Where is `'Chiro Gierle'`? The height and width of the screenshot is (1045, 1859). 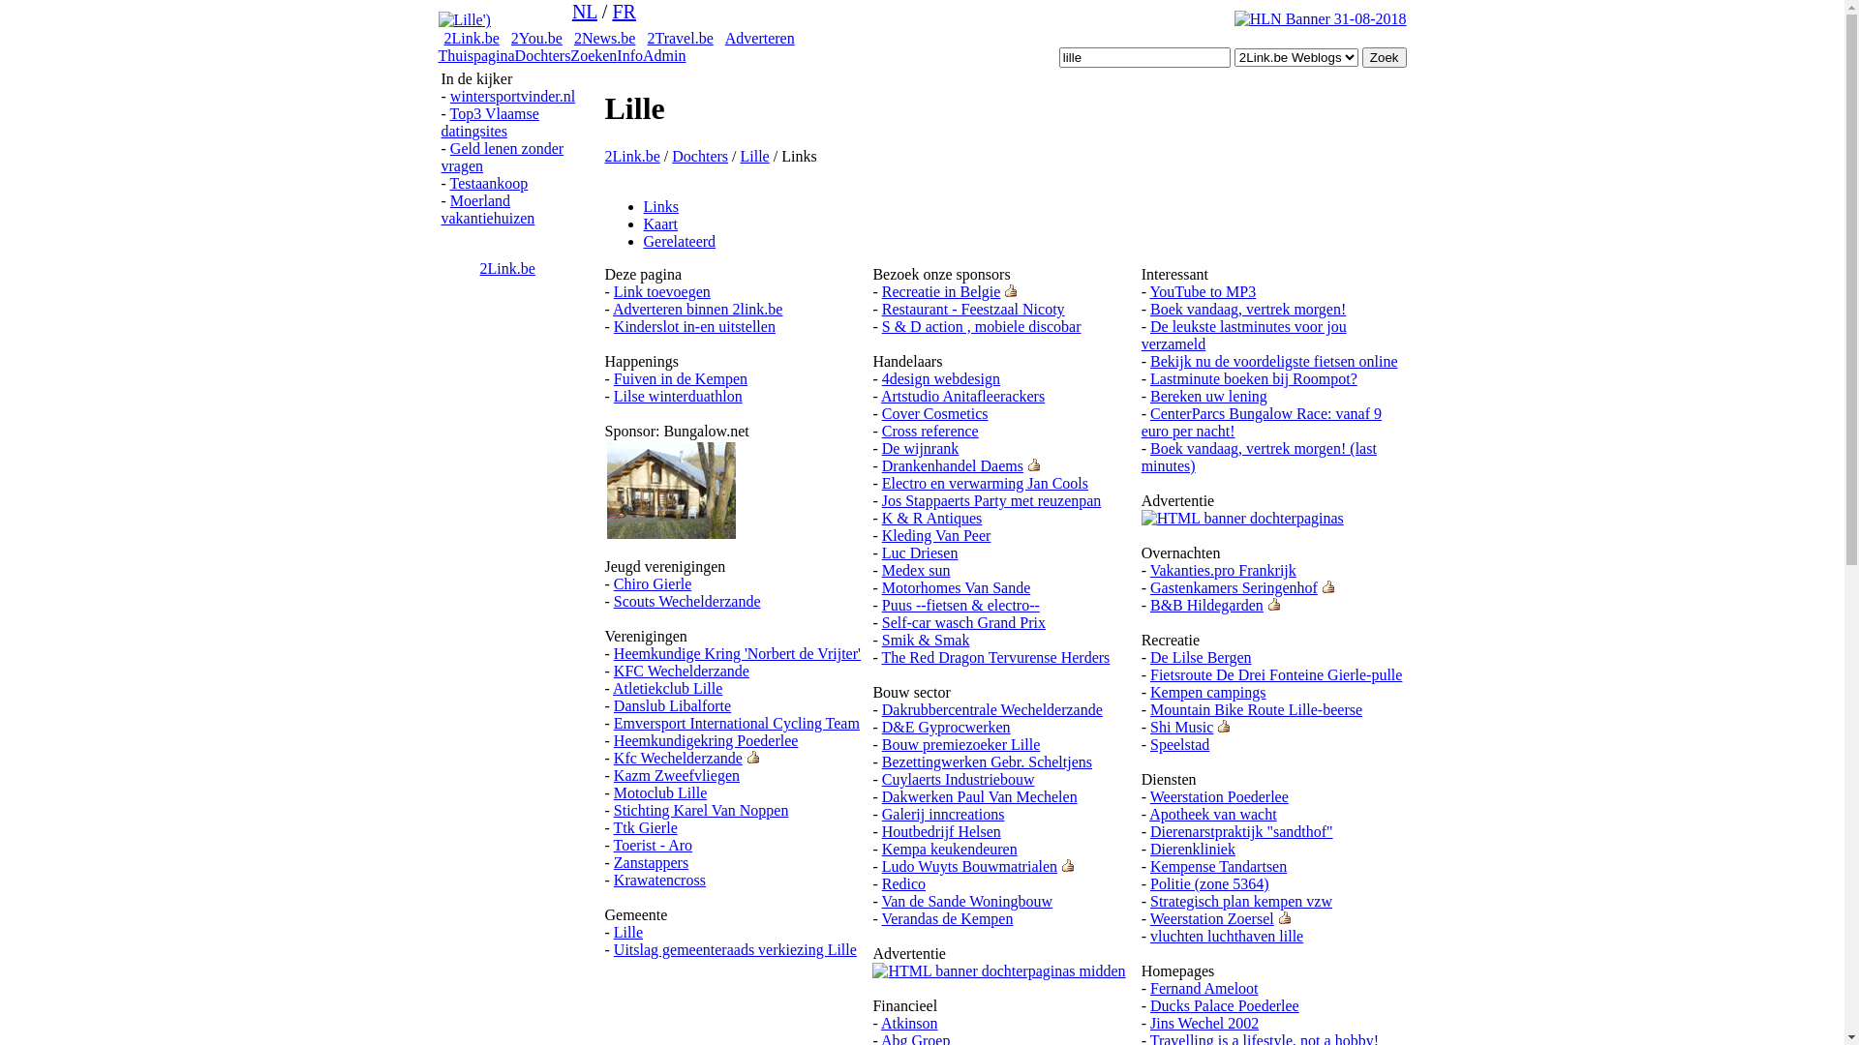 'Chiro Gierle' is located at coordinates (652, 582).